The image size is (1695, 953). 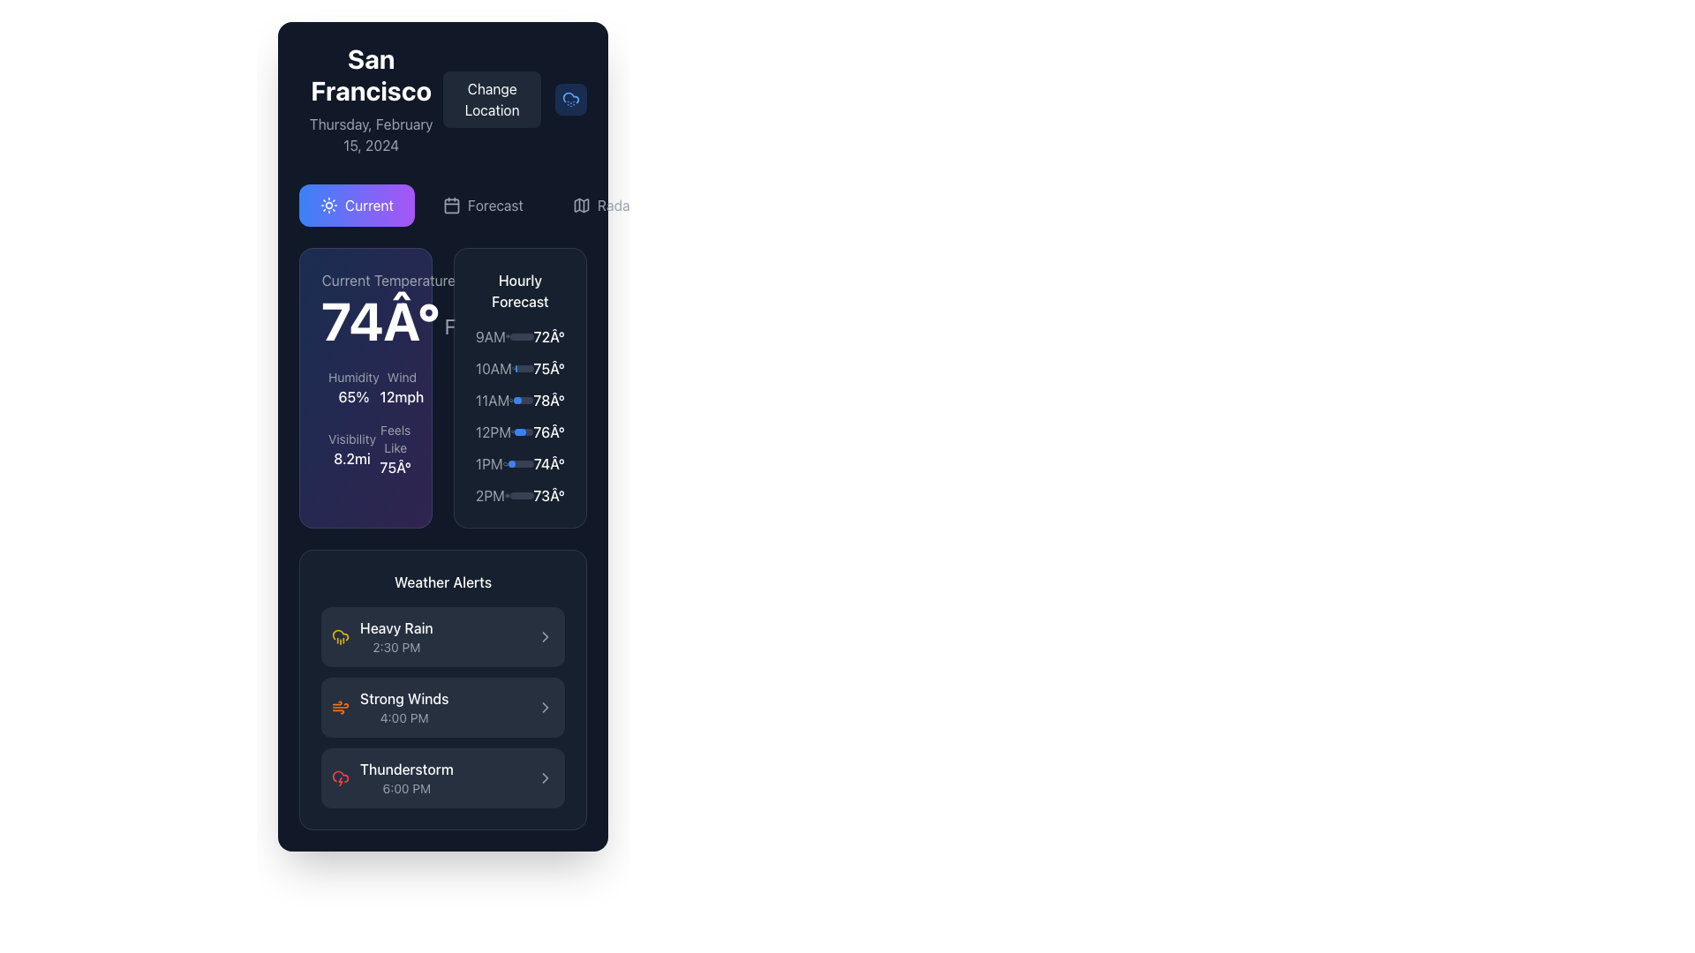 What do you see at coordinates (548, 496) in the screenshot?
I see `value displayed in the temperature Text Label showing '73°' in bold white text, located at the bottom of the 'Hourly Forecast' section` at bounding box center [548, 496].